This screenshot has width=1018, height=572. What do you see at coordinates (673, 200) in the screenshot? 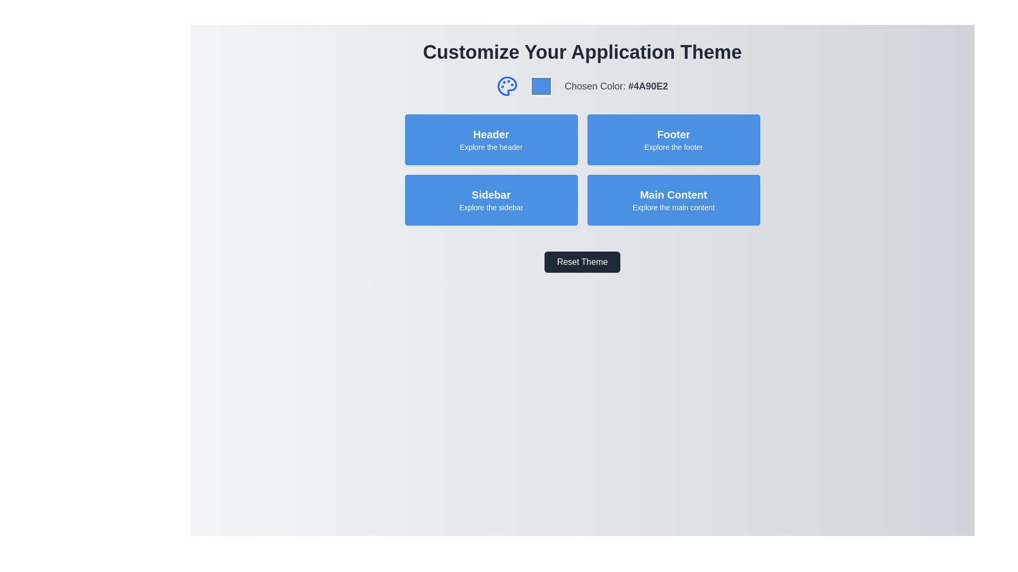
I see `the informational button located in the lower-right quadrant of the grid layout` at bounding box center [673, 200].